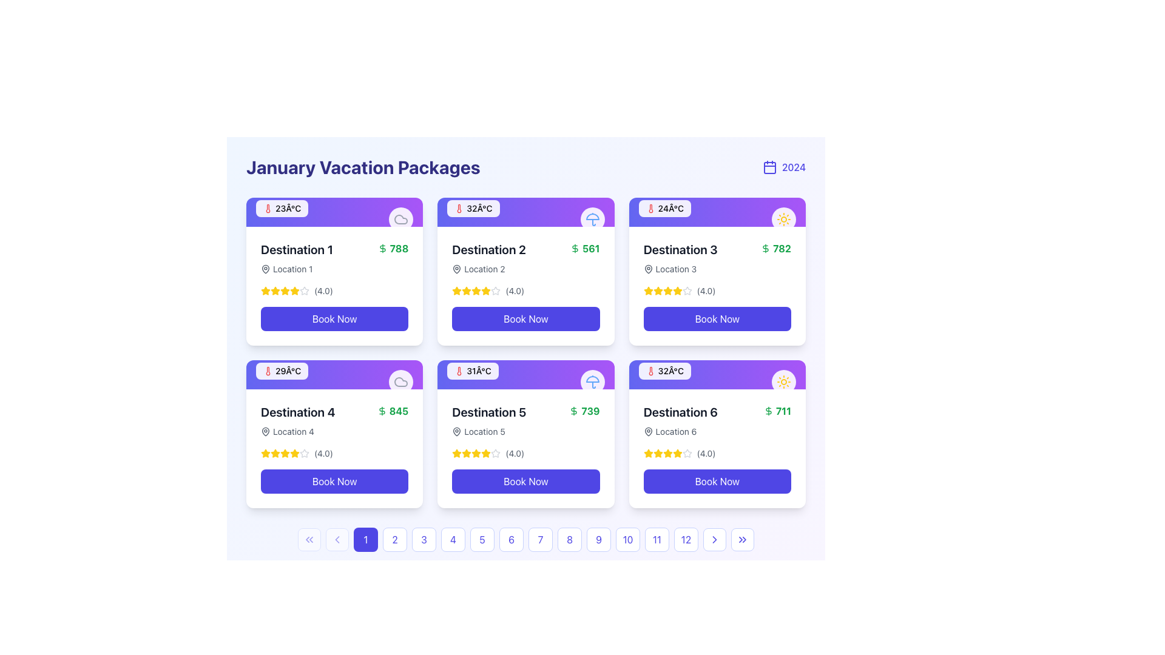  I want to click on the tenth pagination button located at the bottom center of the interface, so click(628, 539).